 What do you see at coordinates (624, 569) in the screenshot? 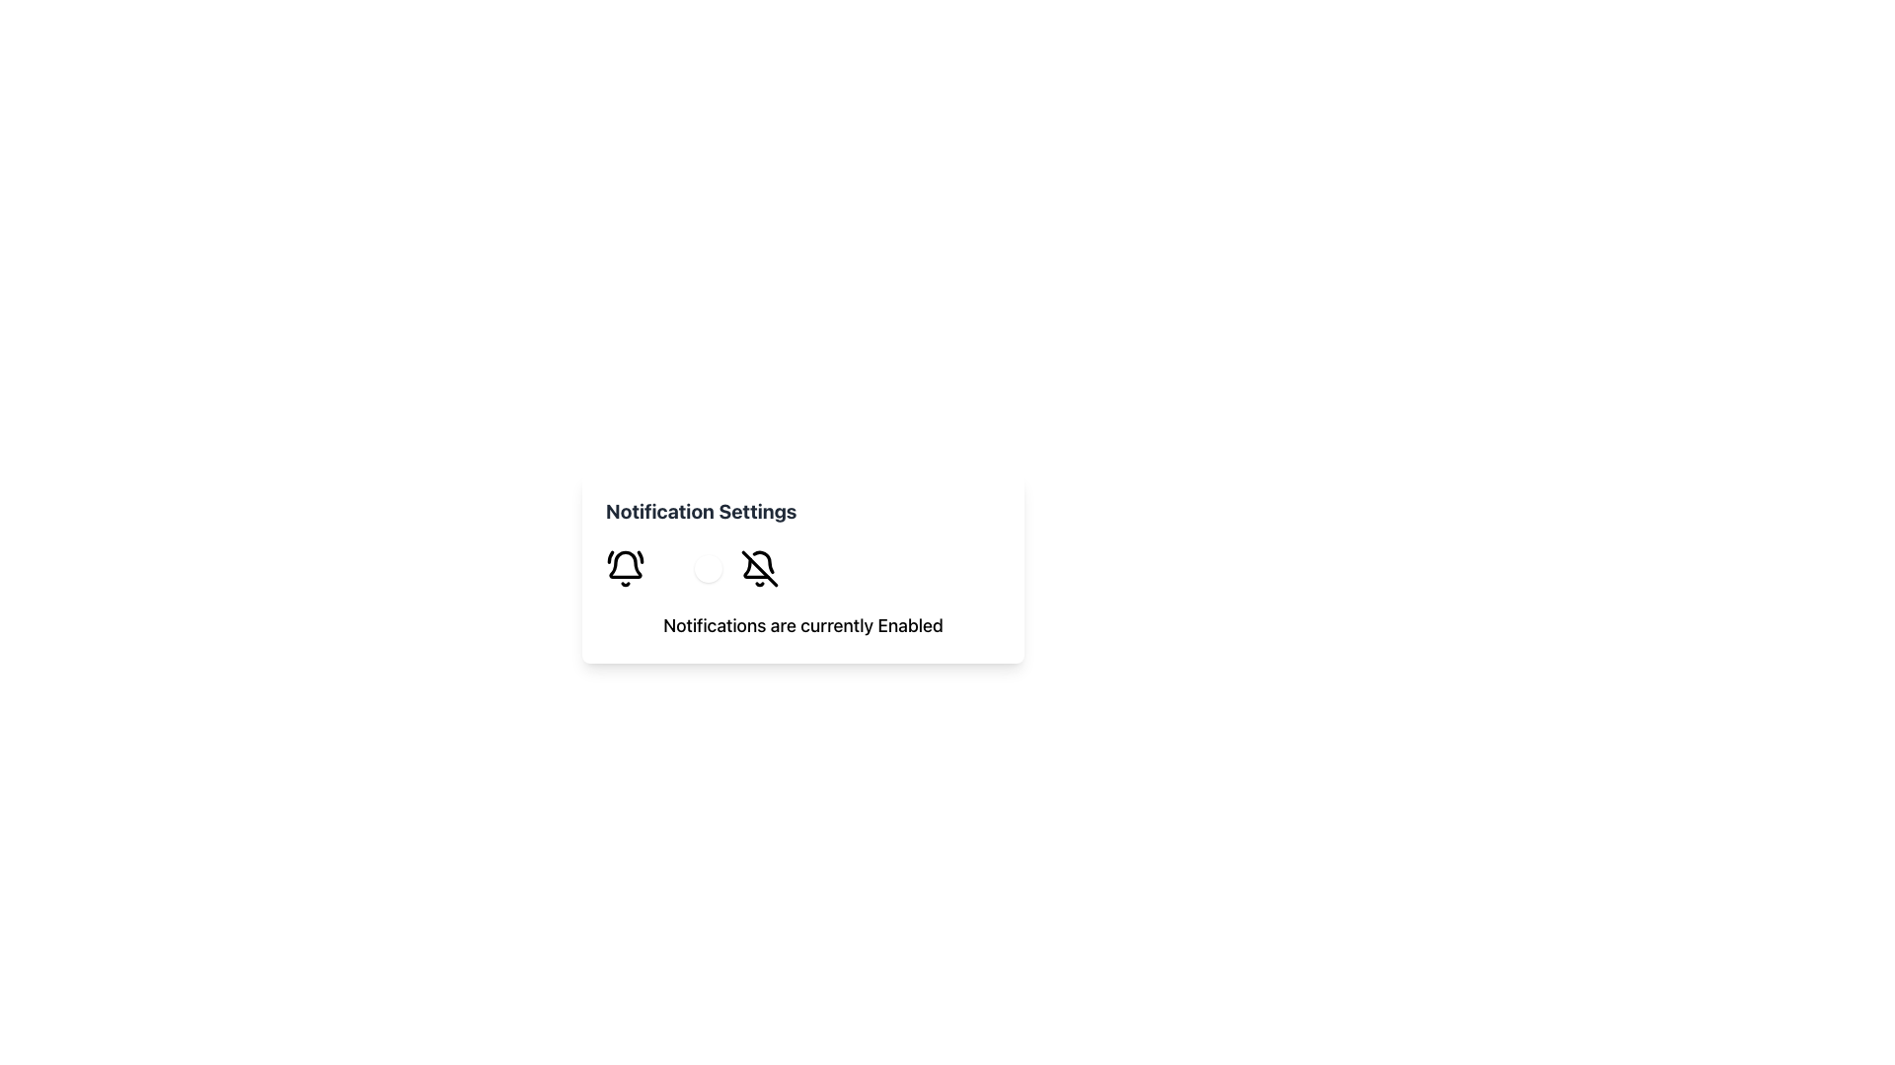
I see `the notification alert SVG icon located at the first position among three components in the notification settings` at bounding box center [624, 569].